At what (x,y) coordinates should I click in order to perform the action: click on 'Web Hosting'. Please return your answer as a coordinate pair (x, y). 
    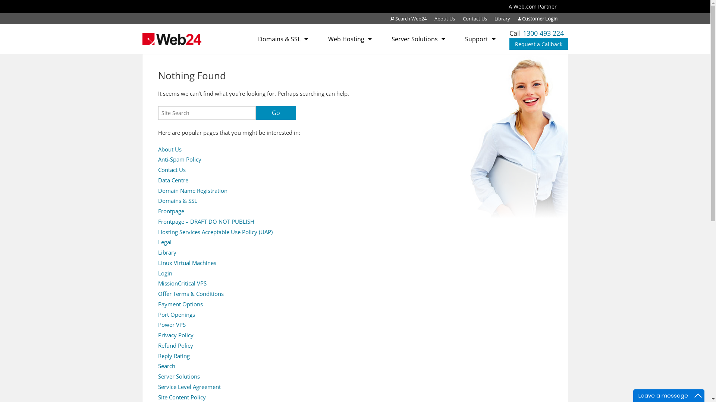
    Looking at the image, I should click on (349, 39).